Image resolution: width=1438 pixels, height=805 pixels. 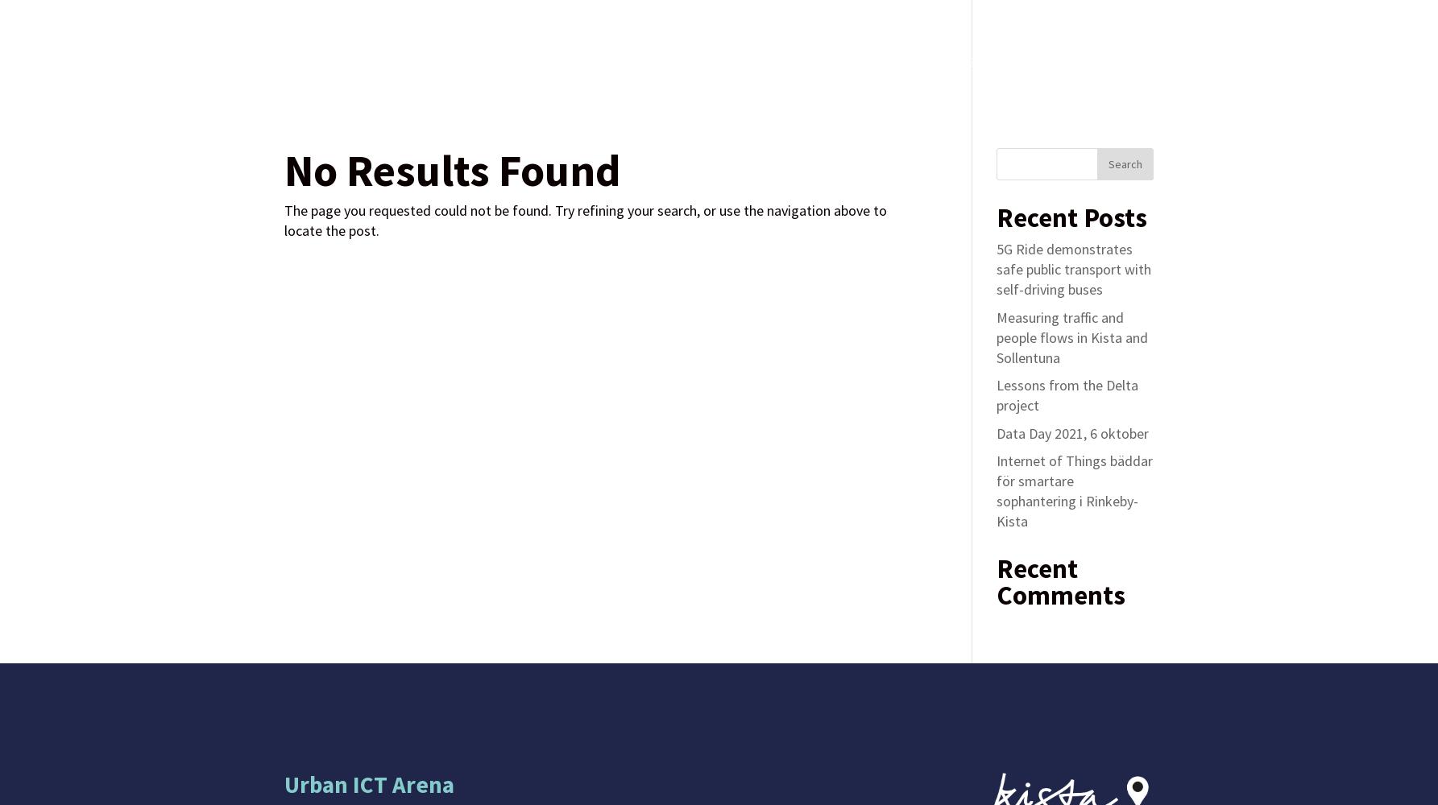 What do you see at coordinates (930, 61) in the screenshot?
I see `'News'` at bounding box center [930, 61].